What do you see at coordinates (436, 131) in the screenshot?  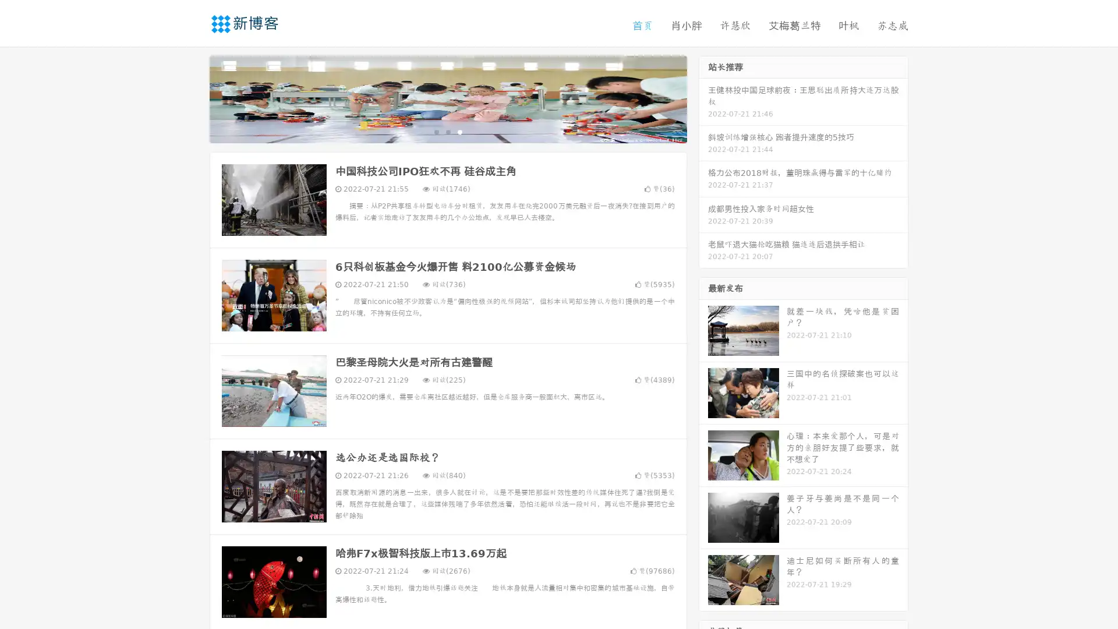 I see `Go to slide 1` at bounding box center [436, 131].